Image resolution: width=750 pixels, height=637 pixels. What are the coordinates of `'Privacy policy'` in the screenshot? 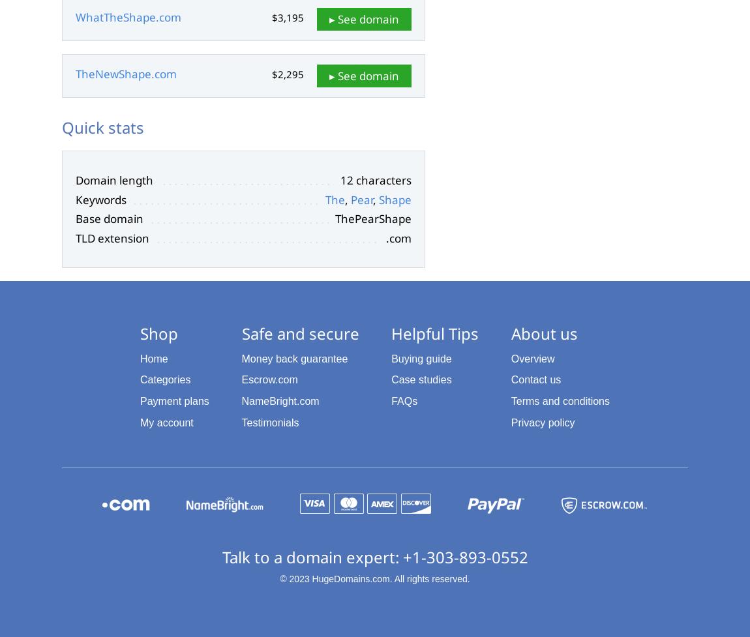 It's located at (542, 421).